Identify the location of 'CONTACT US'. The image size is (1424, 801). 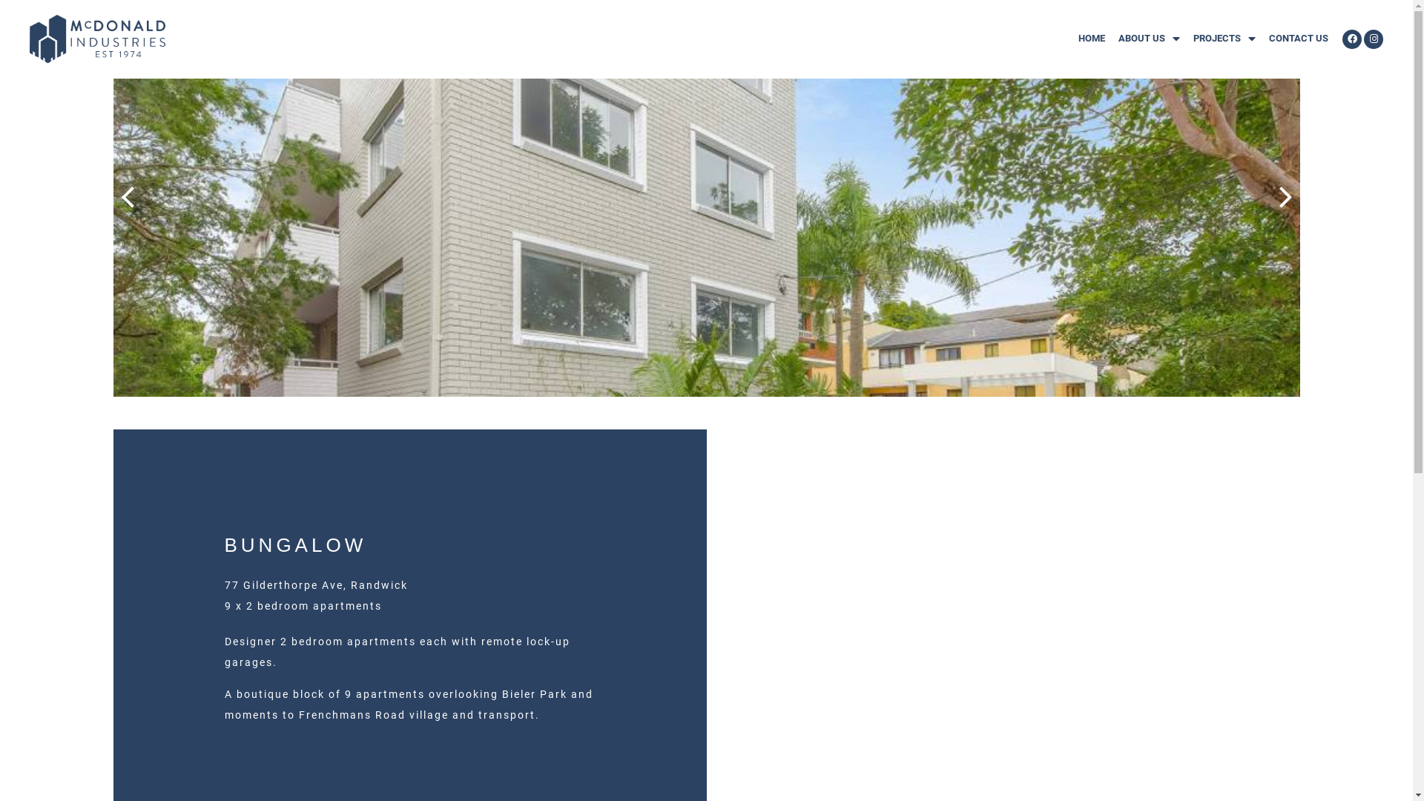
(1262, 38).